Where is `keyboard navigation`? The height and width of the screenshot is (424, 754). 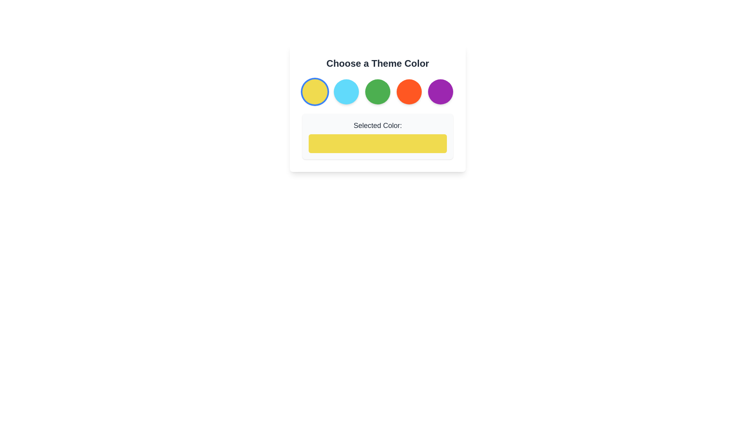
keyboard navigation is located at coordinates (377, 91).